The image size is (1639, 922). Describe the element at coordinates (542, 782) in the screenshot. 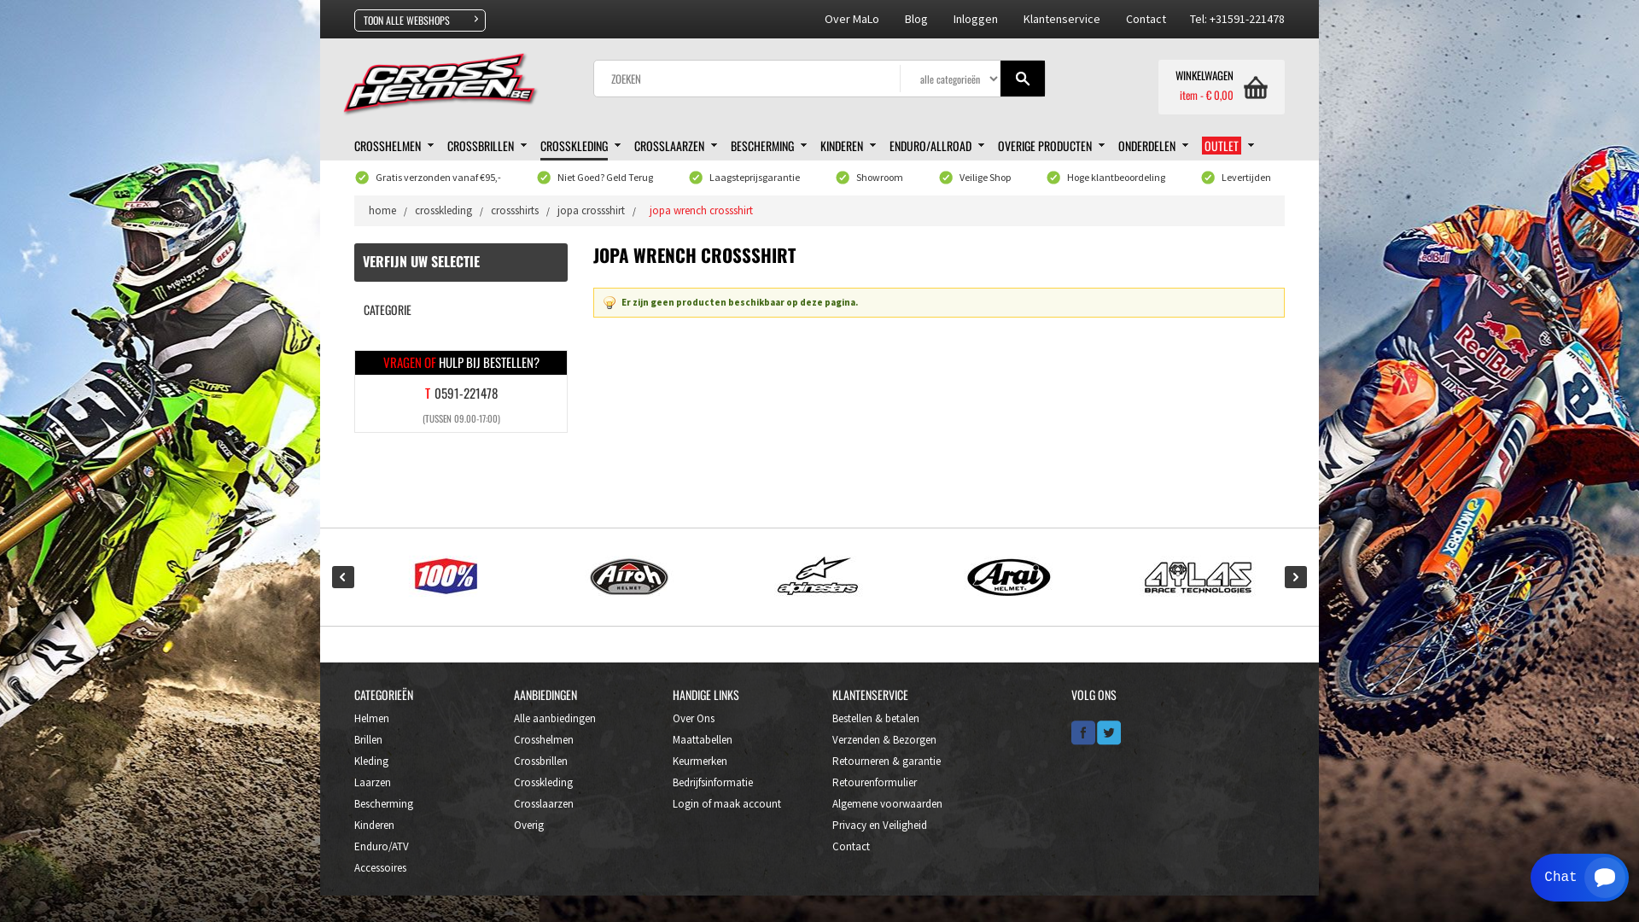

I see `'Crosskleding'` at that location.